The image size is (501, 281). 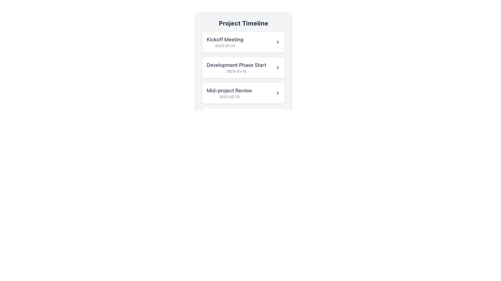 I want to click on information displayed in the milestone element, which is the second item in the 'Project Timeline' list, located below 'Kickoff Meeting' and above 'Mid-project Review', so click(x=243, y=74).